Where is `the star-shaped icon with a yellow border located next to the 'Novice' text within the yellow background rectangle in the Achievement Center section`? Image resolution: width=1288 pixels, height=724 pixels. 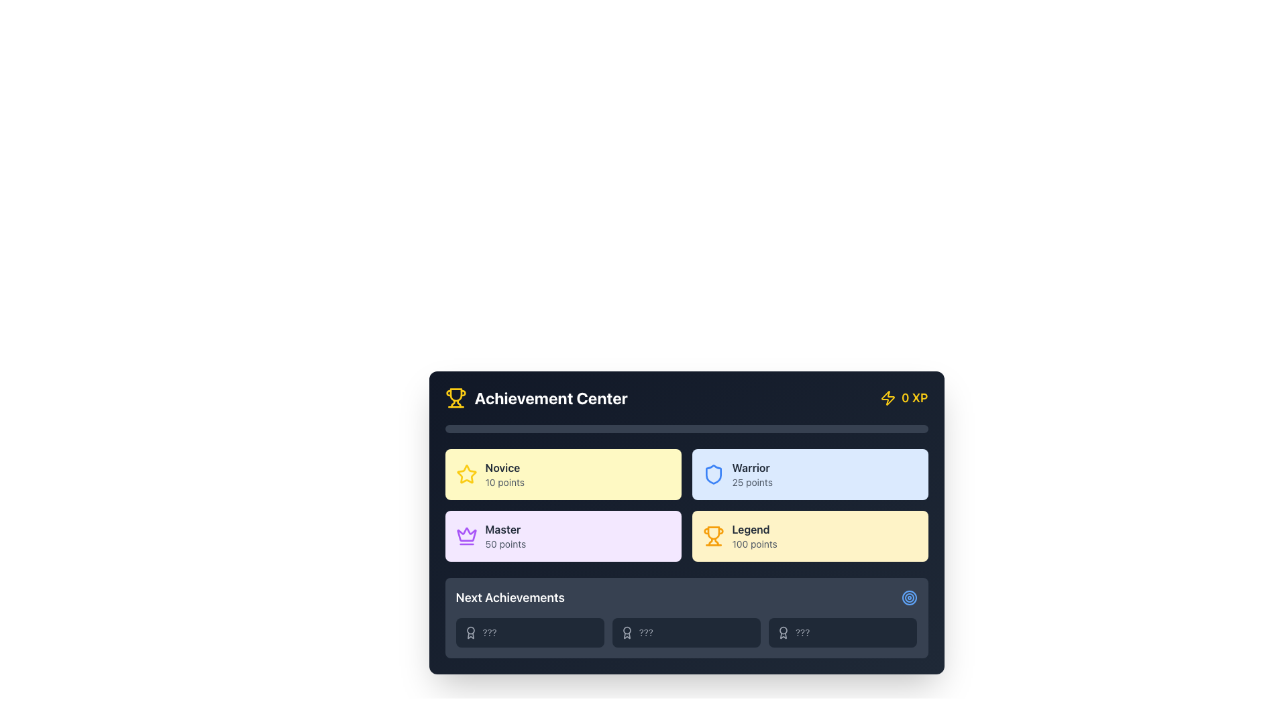 the star-shaped icon with a yellow border located next to the 'Novice' text within the yellow background rectangle in the Achievement Center section is located at coordinates (466, 474).